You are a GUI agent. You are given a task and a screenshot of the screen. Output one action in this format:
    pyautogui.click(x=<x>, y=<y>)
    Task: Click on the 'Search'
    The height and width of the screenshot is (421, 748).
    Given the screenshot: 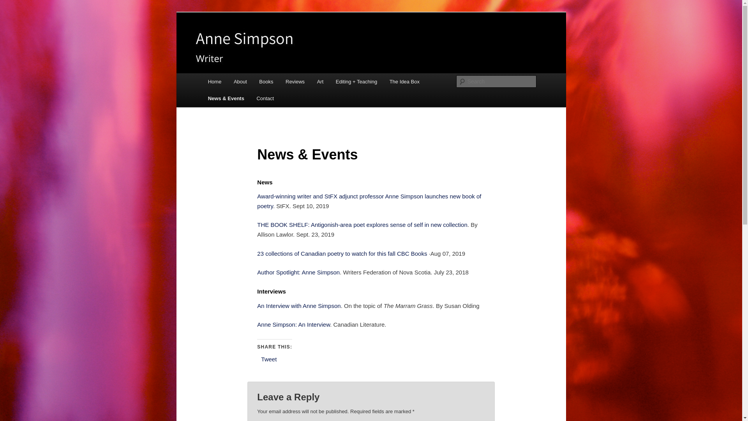 What is the action you would take?
    pyautogui.click(x=12, y=4)
    